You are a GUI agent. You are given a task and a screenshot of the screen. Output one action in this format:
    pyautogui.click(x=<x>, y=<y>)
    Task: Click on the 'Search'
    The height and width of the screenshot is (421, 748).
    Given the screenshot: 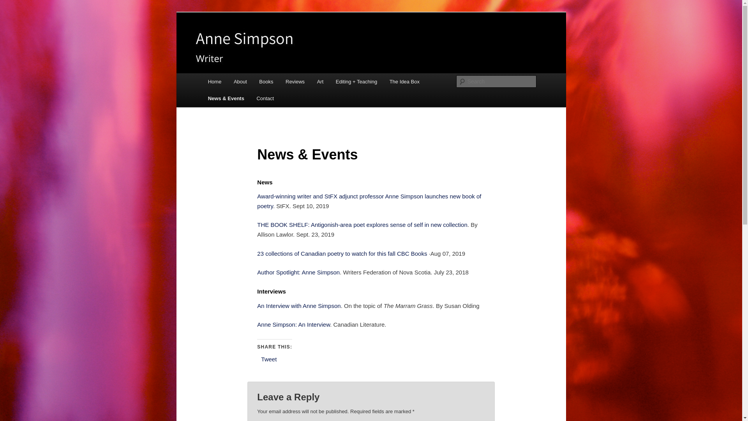 What is the action you would take?
    pyautogui.click(x=12, y=4)
    